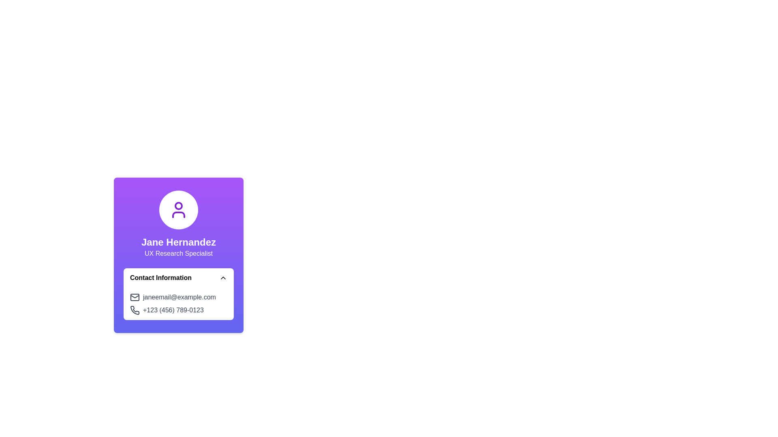 Image resolution: width=778 pixels, height=437 pixels. I want to click on the text block displaying 'Jane Hernandez' and 'UX Research Specialist' by moving the cursor to its center point, so click(178, 246).